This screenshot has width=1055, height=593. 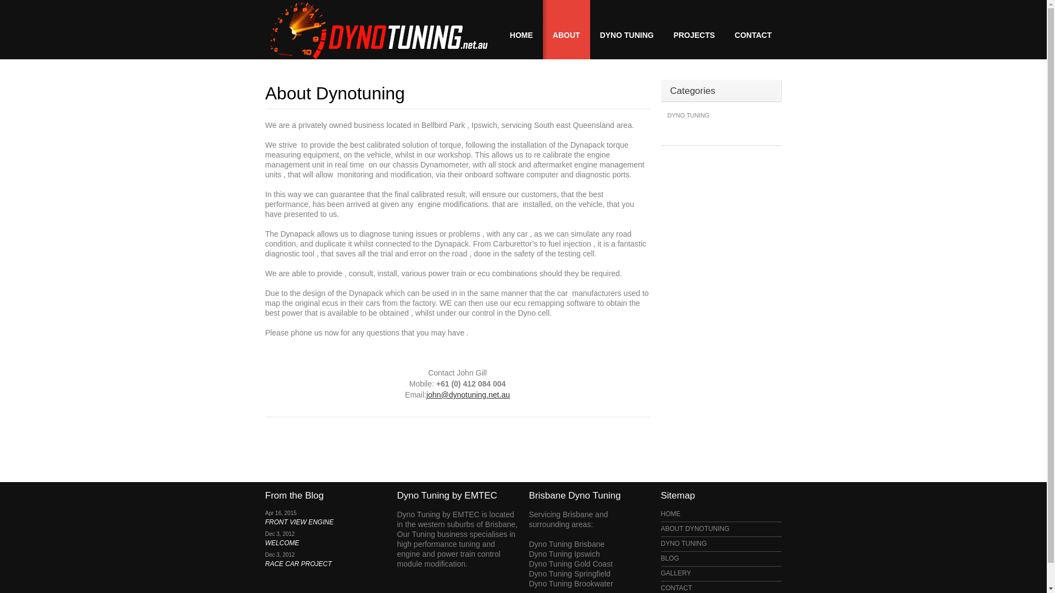 What do you see at coordinates (298, 563) in the screenshot?
I see `'RACE CAR PROJECT'` at bounding box center [298, 563].